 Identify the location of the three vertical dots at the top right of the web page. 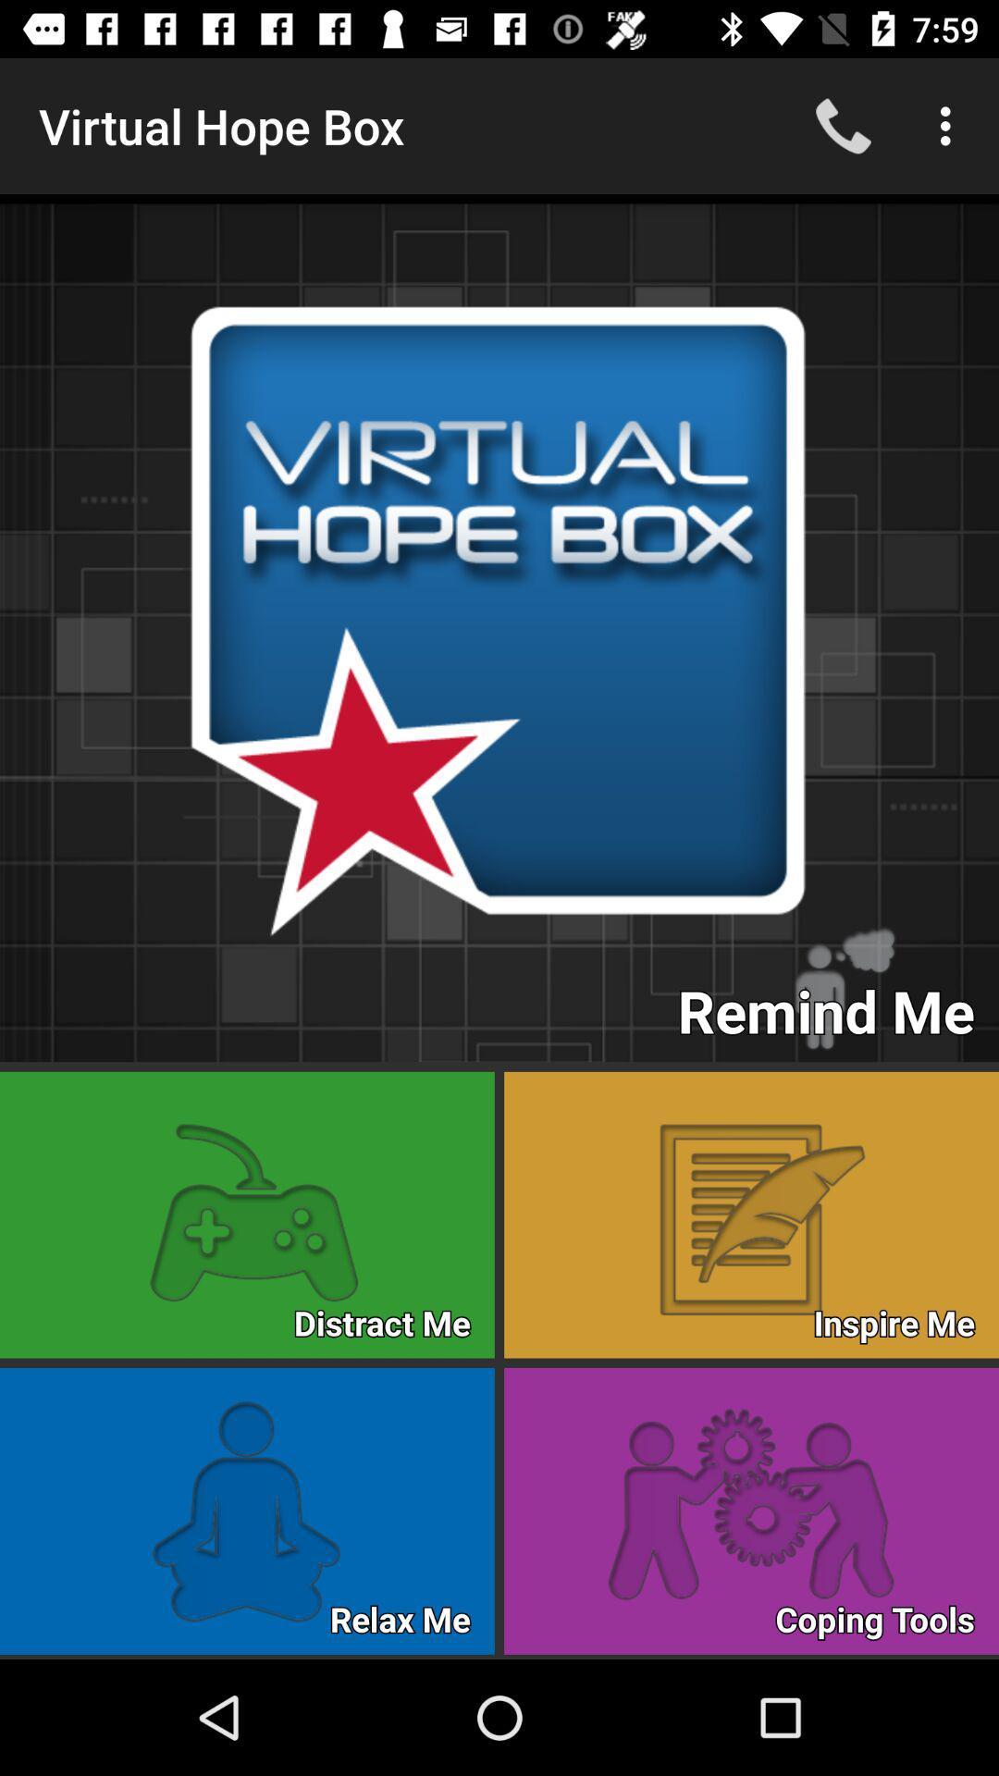
(950, 126).